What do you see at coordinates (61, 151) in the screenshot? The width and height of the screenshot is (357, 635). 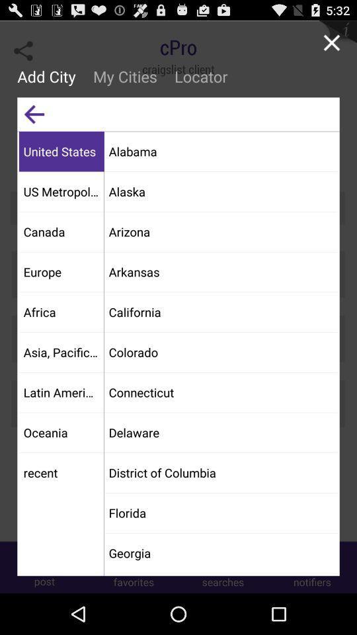 I see `the united states app` at bounding box center [61, 151].